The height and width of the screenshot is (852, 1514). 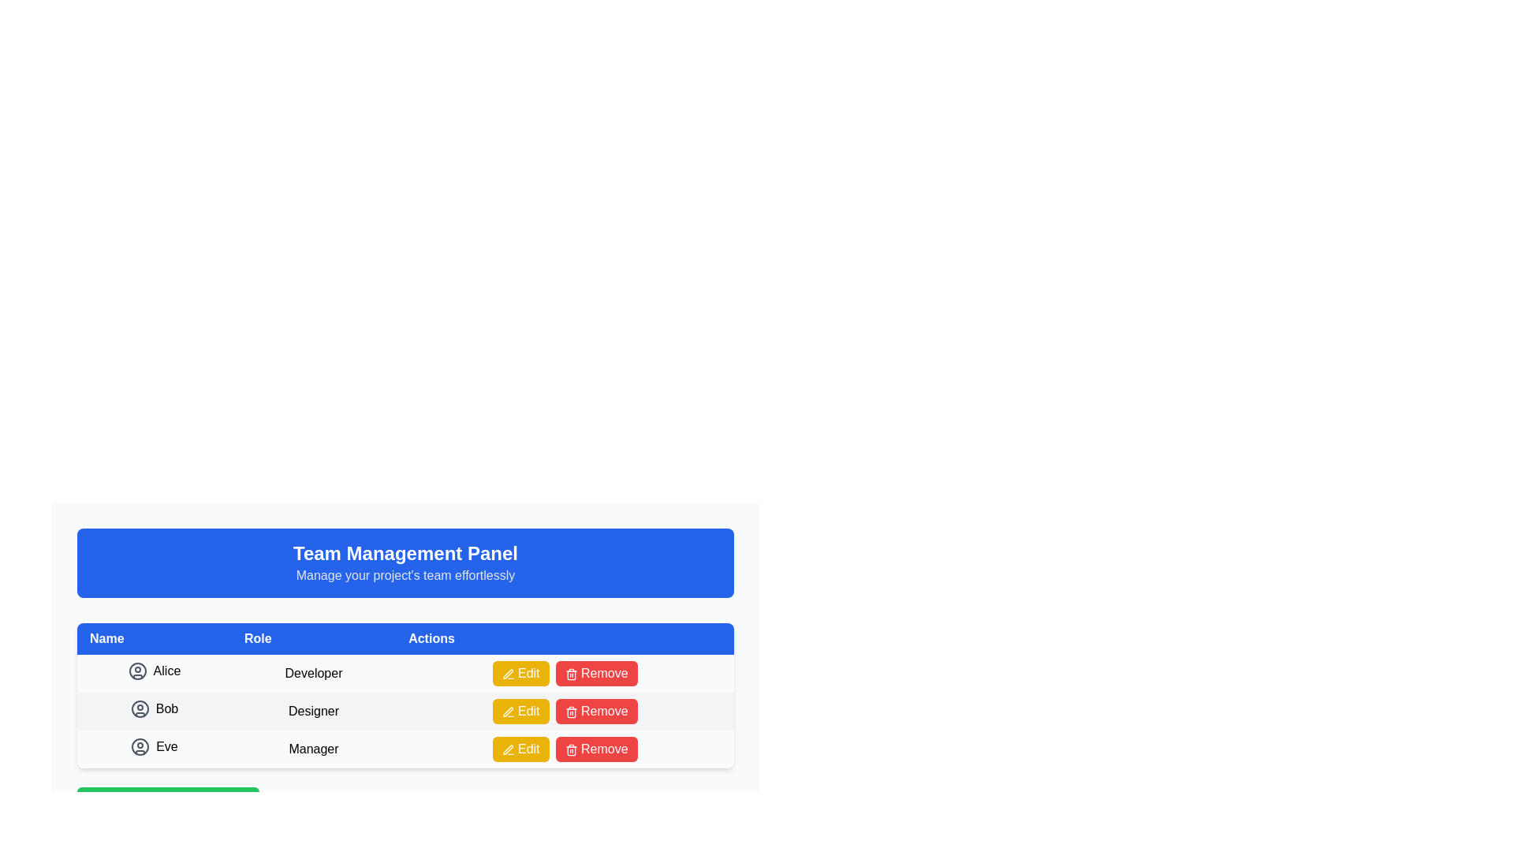 What do you see at coordinates (508, 674) in the screenshot?
I see `the edit icon located in the 'Actions' column of the 'Team Management Panel' table to initiate edit mode for the 'Designer' role` at bounding box center [508, 674].